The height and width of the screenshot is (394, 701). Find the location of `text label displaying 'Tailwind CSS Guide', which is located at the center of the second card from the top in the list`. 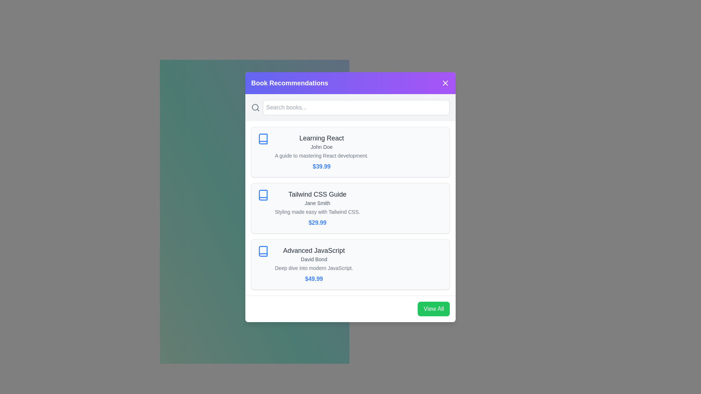

text label displaying 'Tailwind CSS Guide', which is located at the center of the second card from the top in the list is located at coordinates (317, 194).